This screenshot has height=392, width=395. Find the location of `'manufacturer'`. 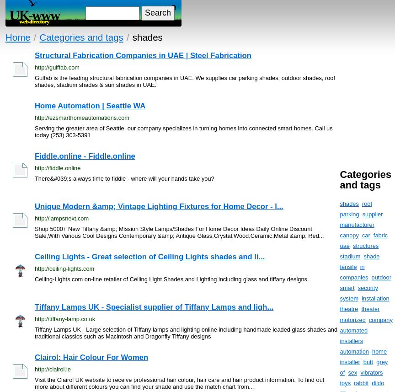

'manufacturer' is located at coordinates (340, 225).